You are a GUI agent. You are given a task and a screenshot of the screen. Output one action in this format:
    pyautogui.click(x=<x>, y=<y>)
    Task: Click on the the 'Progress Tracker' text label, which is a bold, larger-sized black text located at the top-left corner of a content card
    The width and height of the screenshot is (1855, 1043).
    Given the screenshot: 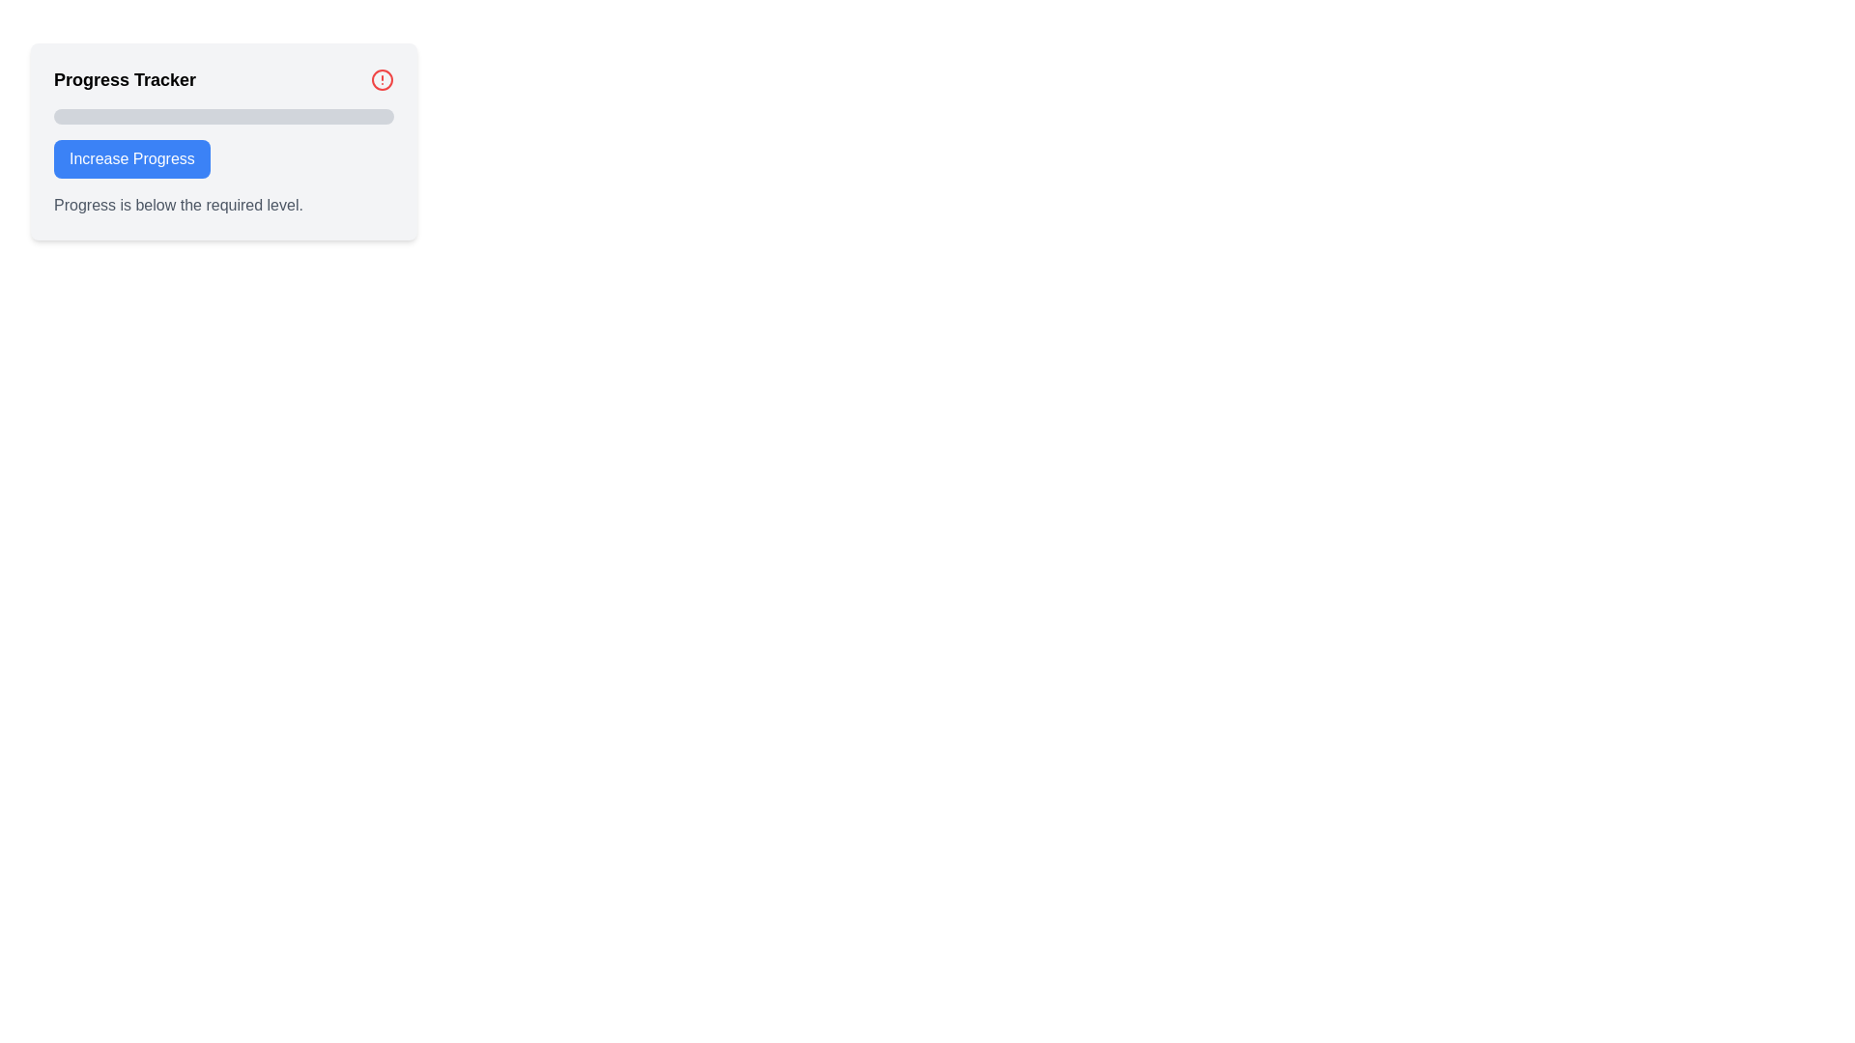 What is the action you would take?
    pyautogui.click(x=124, y=79)
    